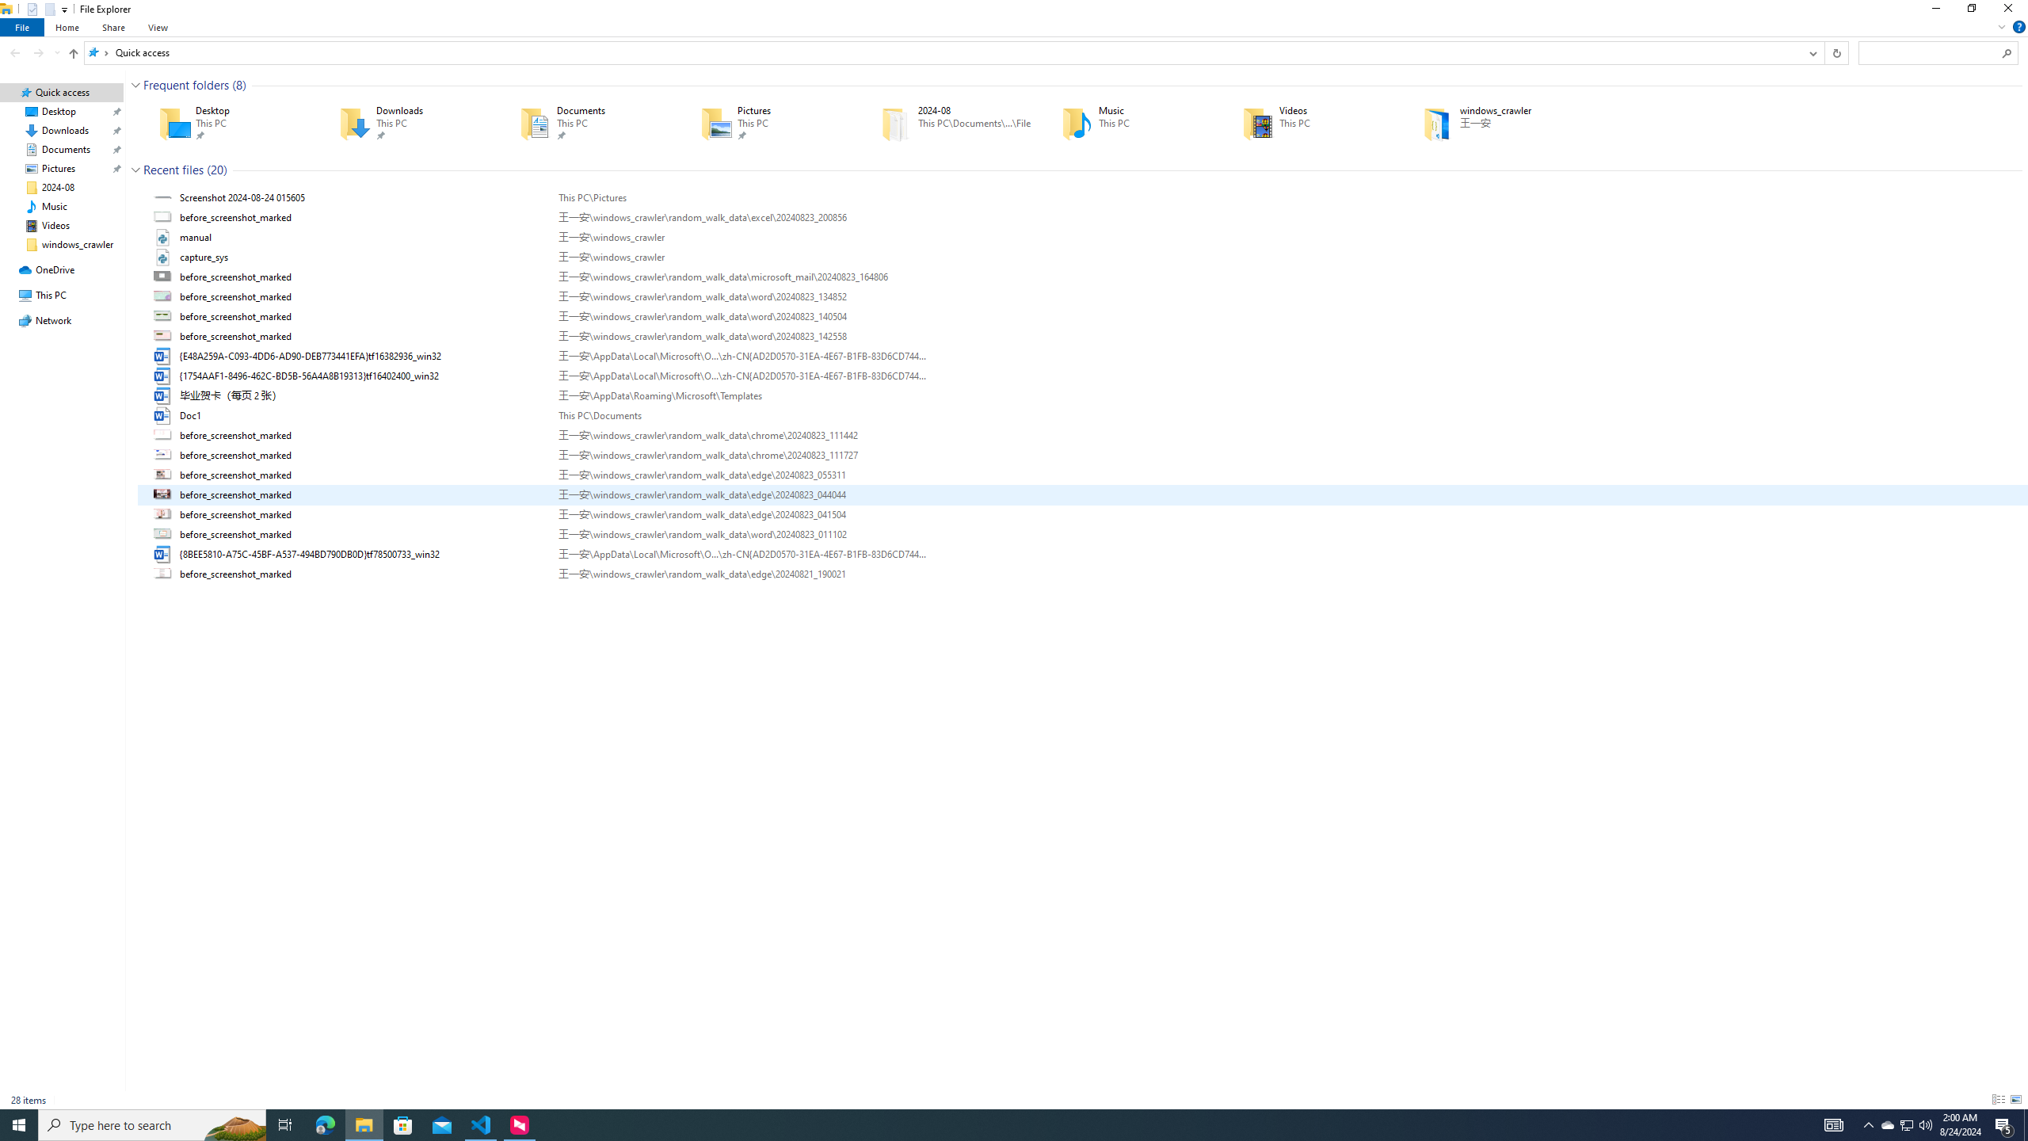 This screenshot has height=1141, width=2028. What do you see at coordinates (97, 52) in the screenshot?
I see `'All locations'` at bounding box center [97, 52].